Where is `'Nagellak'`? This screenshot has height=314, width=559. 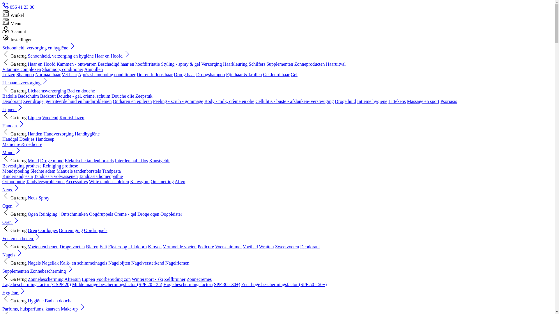
'Nagellak' is located at coordinates (50, 263).